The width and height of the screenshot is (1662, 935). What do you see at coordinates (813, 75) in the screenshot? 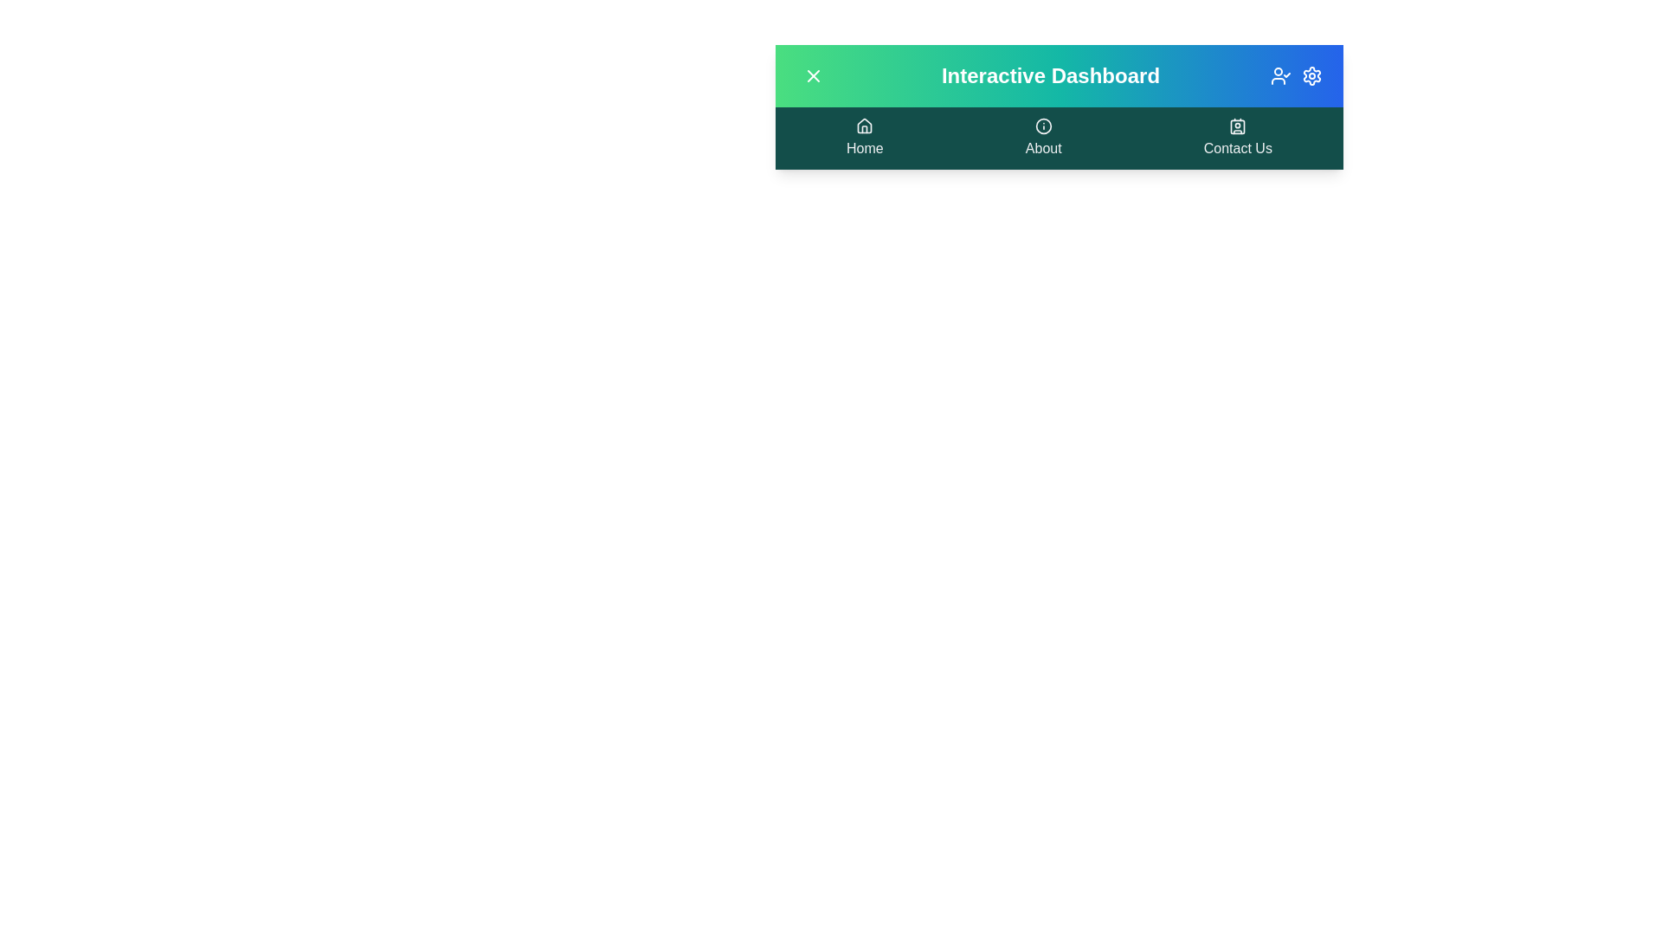
I see `the toggle button to toggle the visibility of the navigation menu` at bounding box center [813, 75].